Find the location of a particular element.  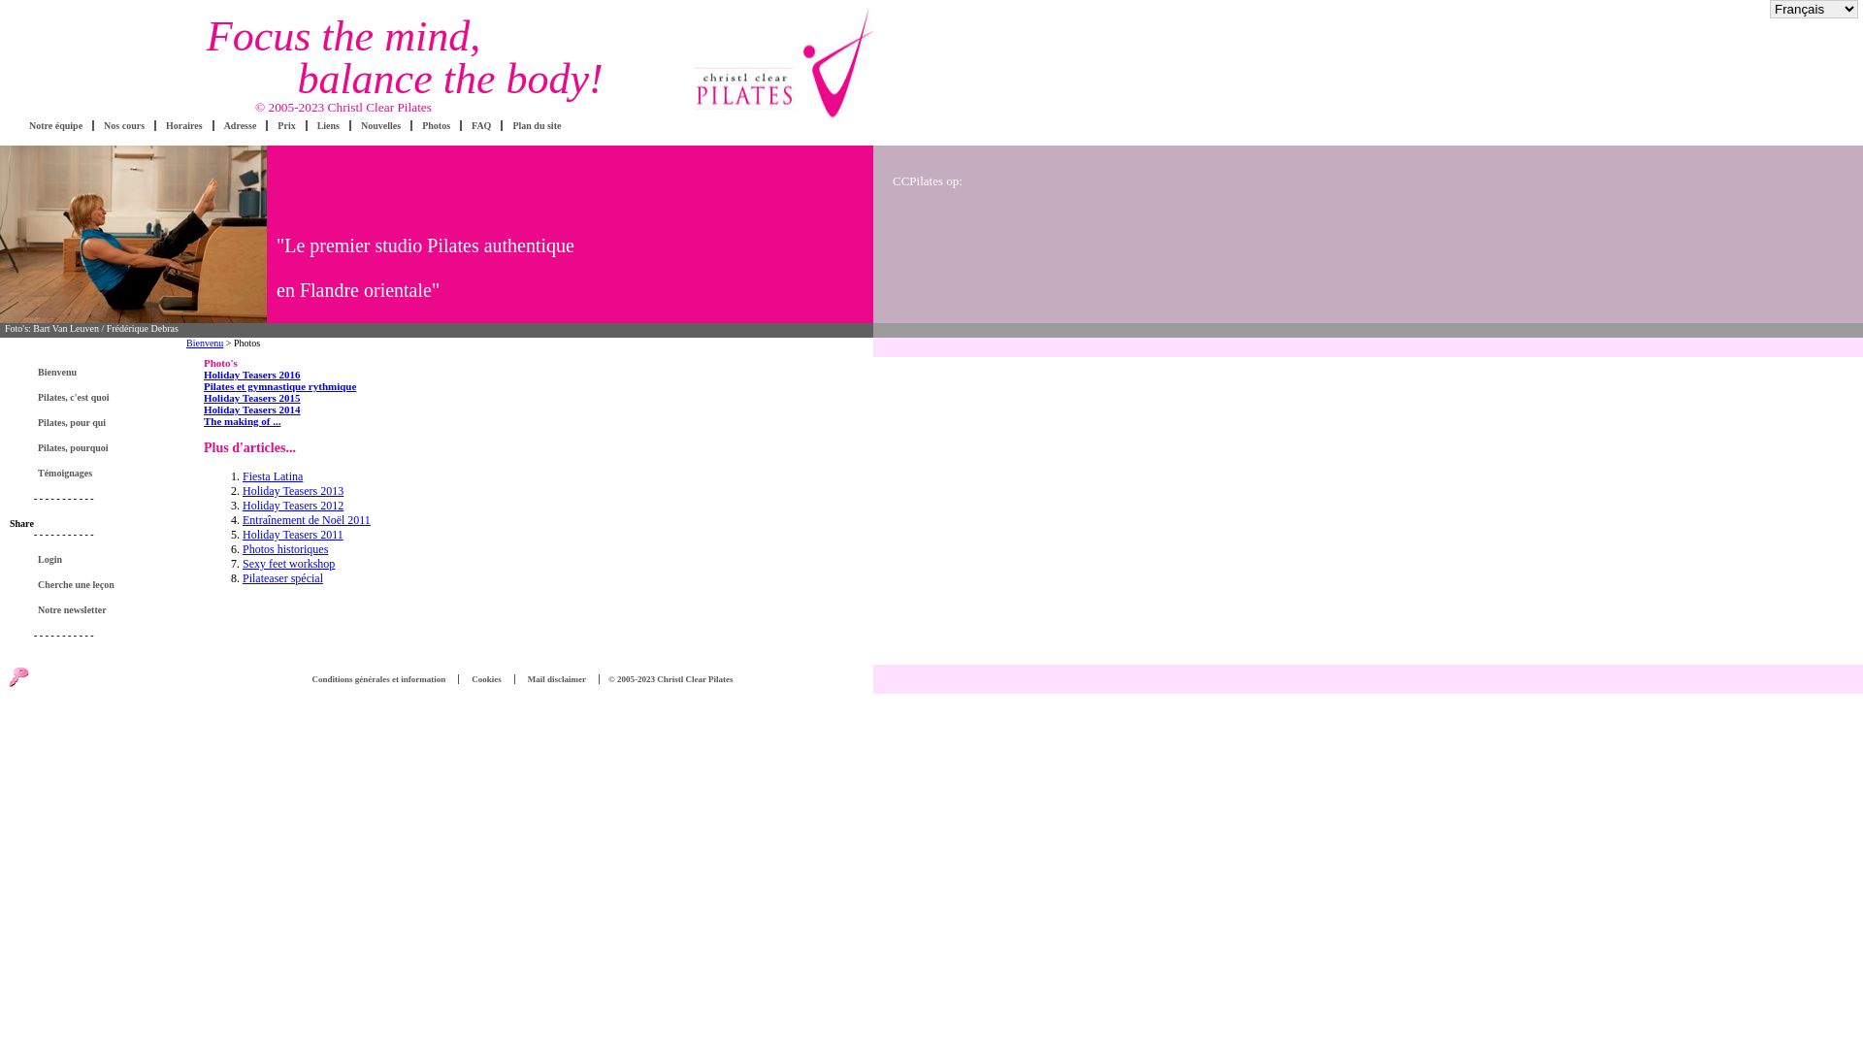

'Holiday Teasers 2012' is located at coordinates (292, 504).